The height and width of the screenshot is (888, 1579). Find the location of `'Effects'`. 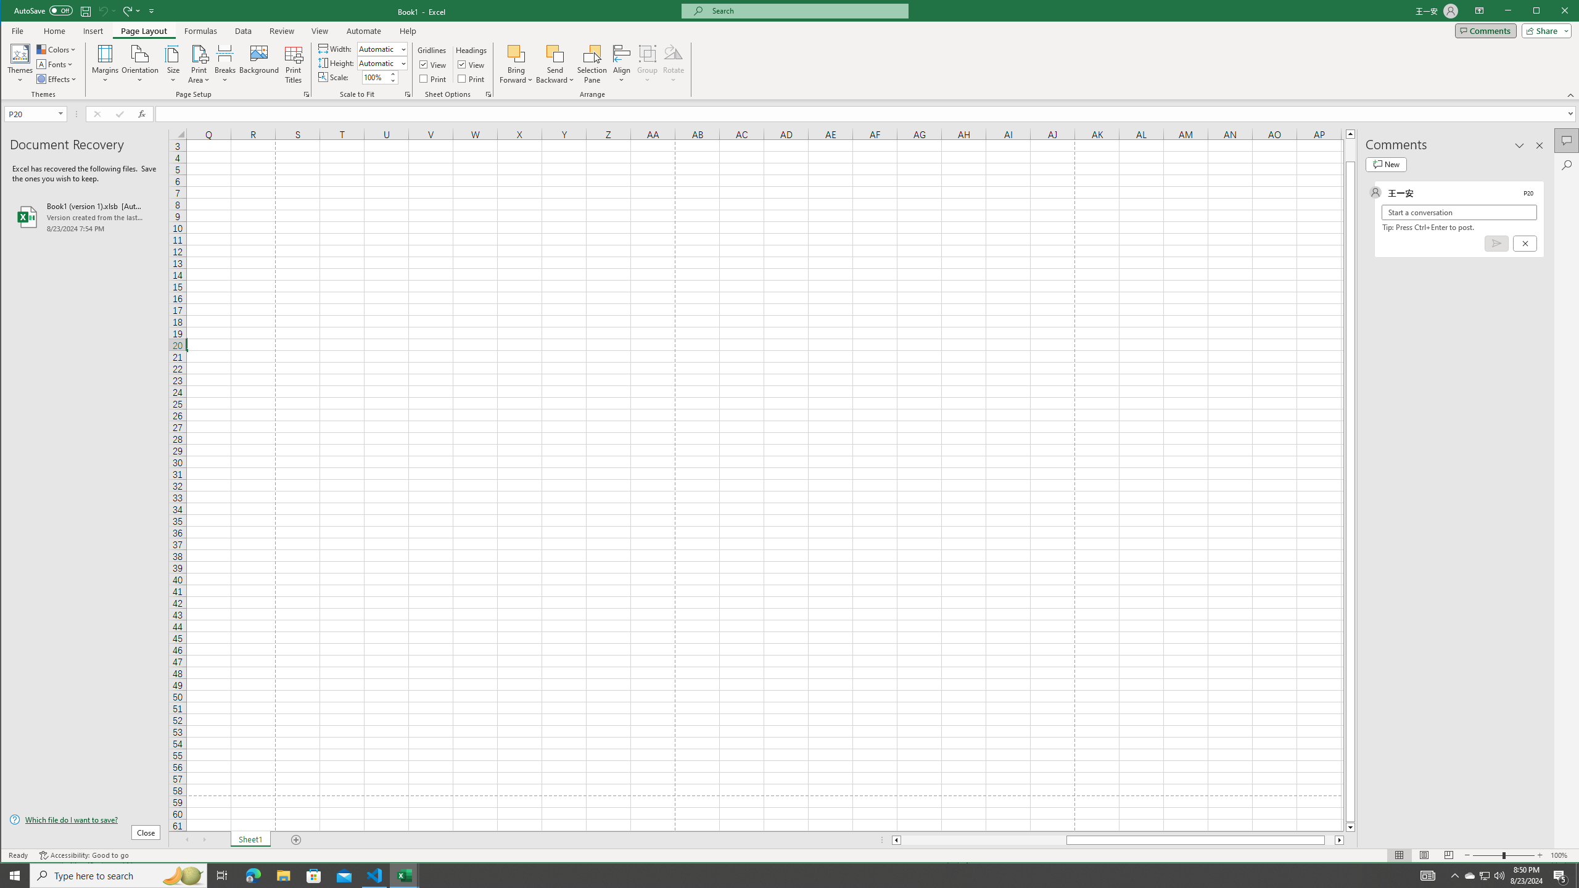

'Effects' is located at coordinates (57, 78).